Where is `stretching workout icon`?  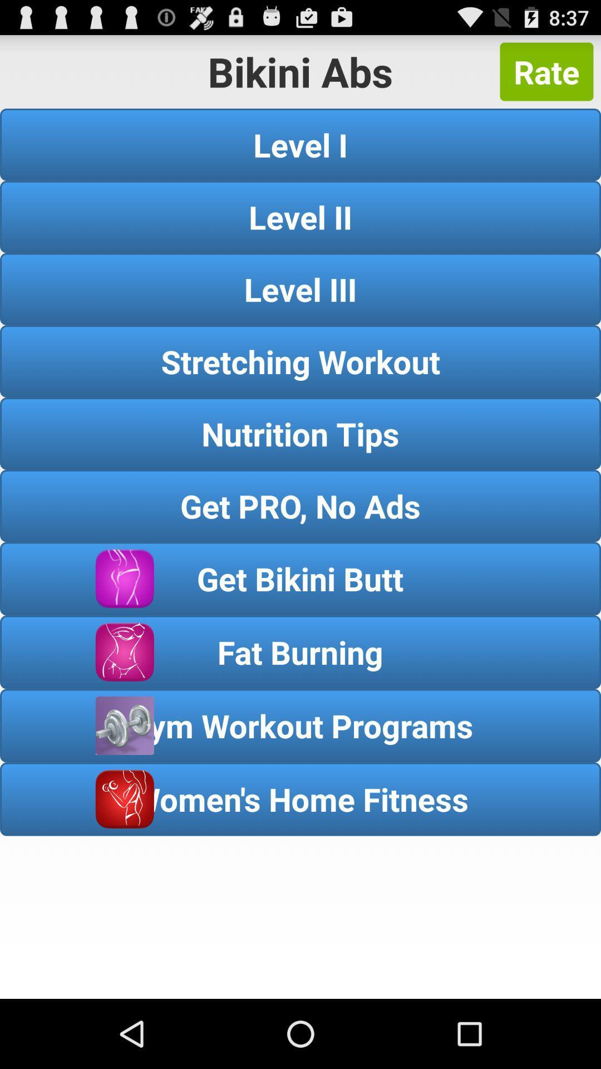
stretching workout icon is located at coordinates (300, 361).